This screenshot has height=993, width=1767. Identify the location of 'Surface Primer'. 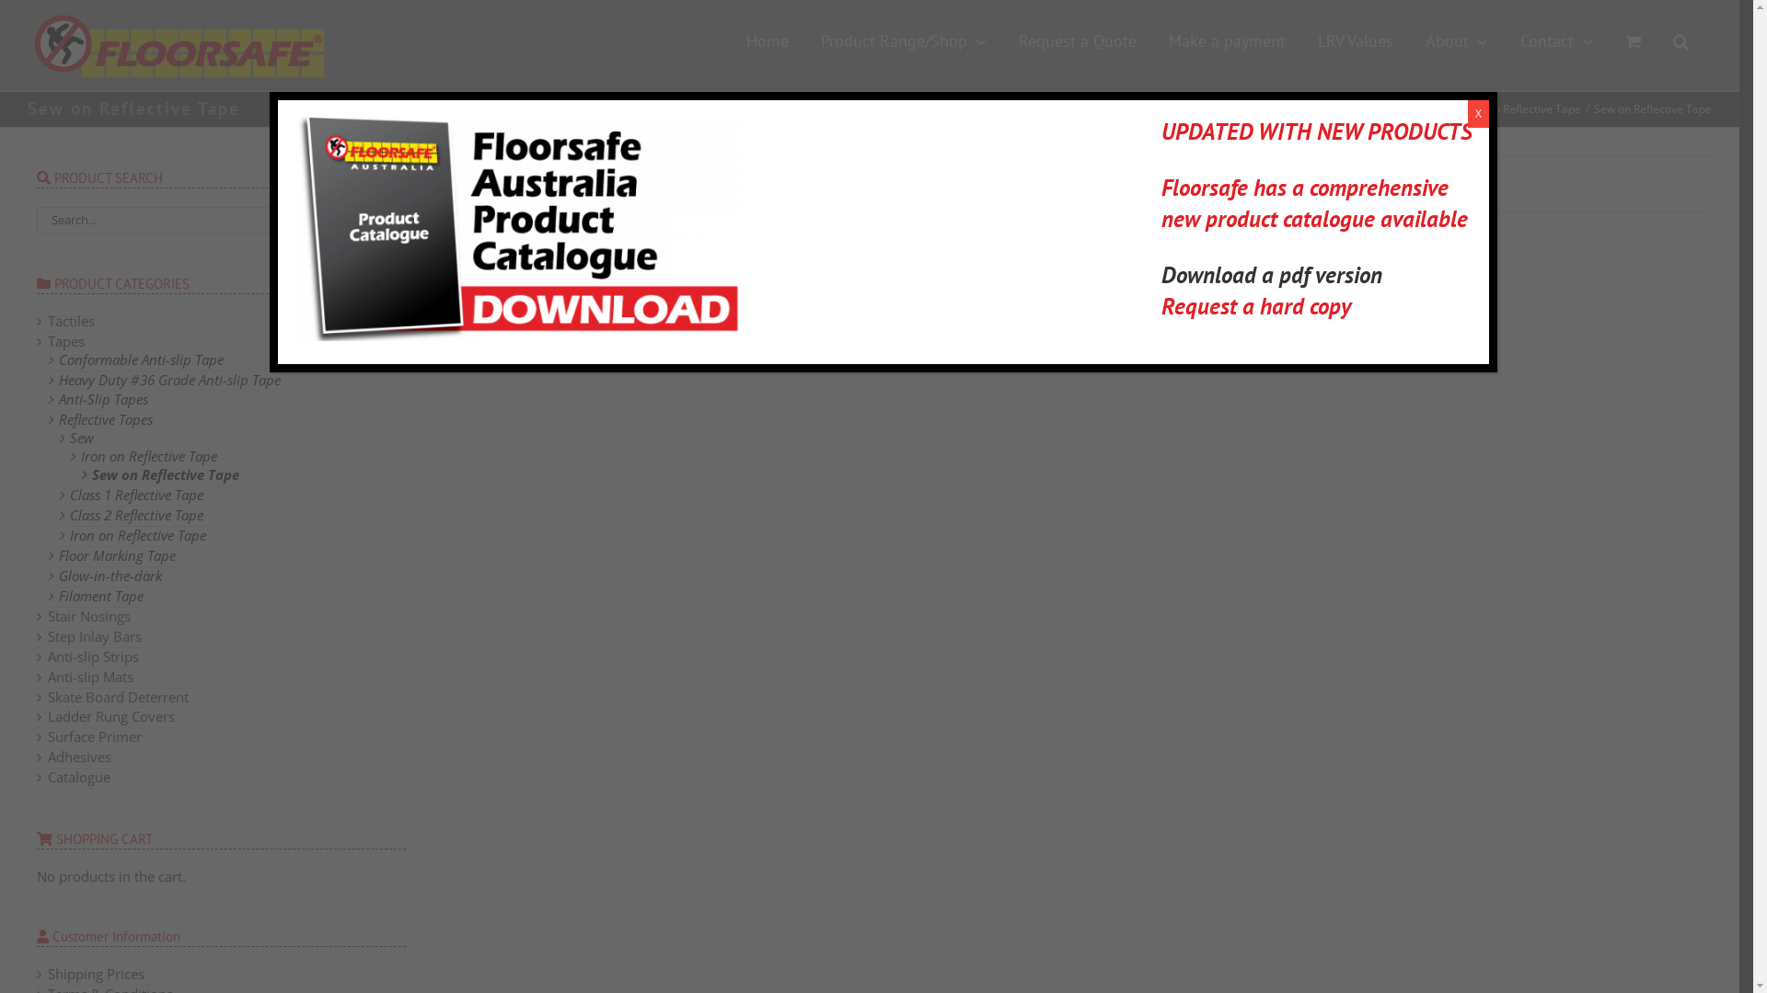
(93, 736).